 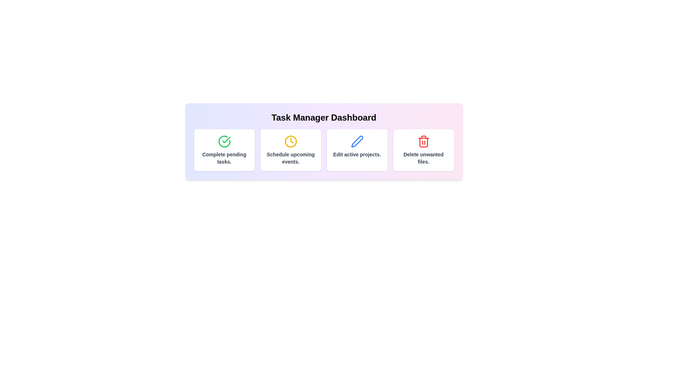 I want to click on text 'Delete unwanted files.' which is styled with a small font size and gray color, located beneath a trash can icon in the fourth card from the left, so click(x=423, y=158).